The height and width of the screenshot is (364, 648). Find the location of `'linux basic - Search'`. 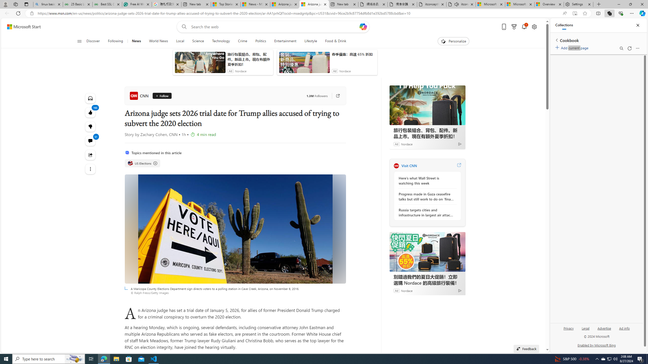

'linux basic - Search' is located at coordinates (48, 4).